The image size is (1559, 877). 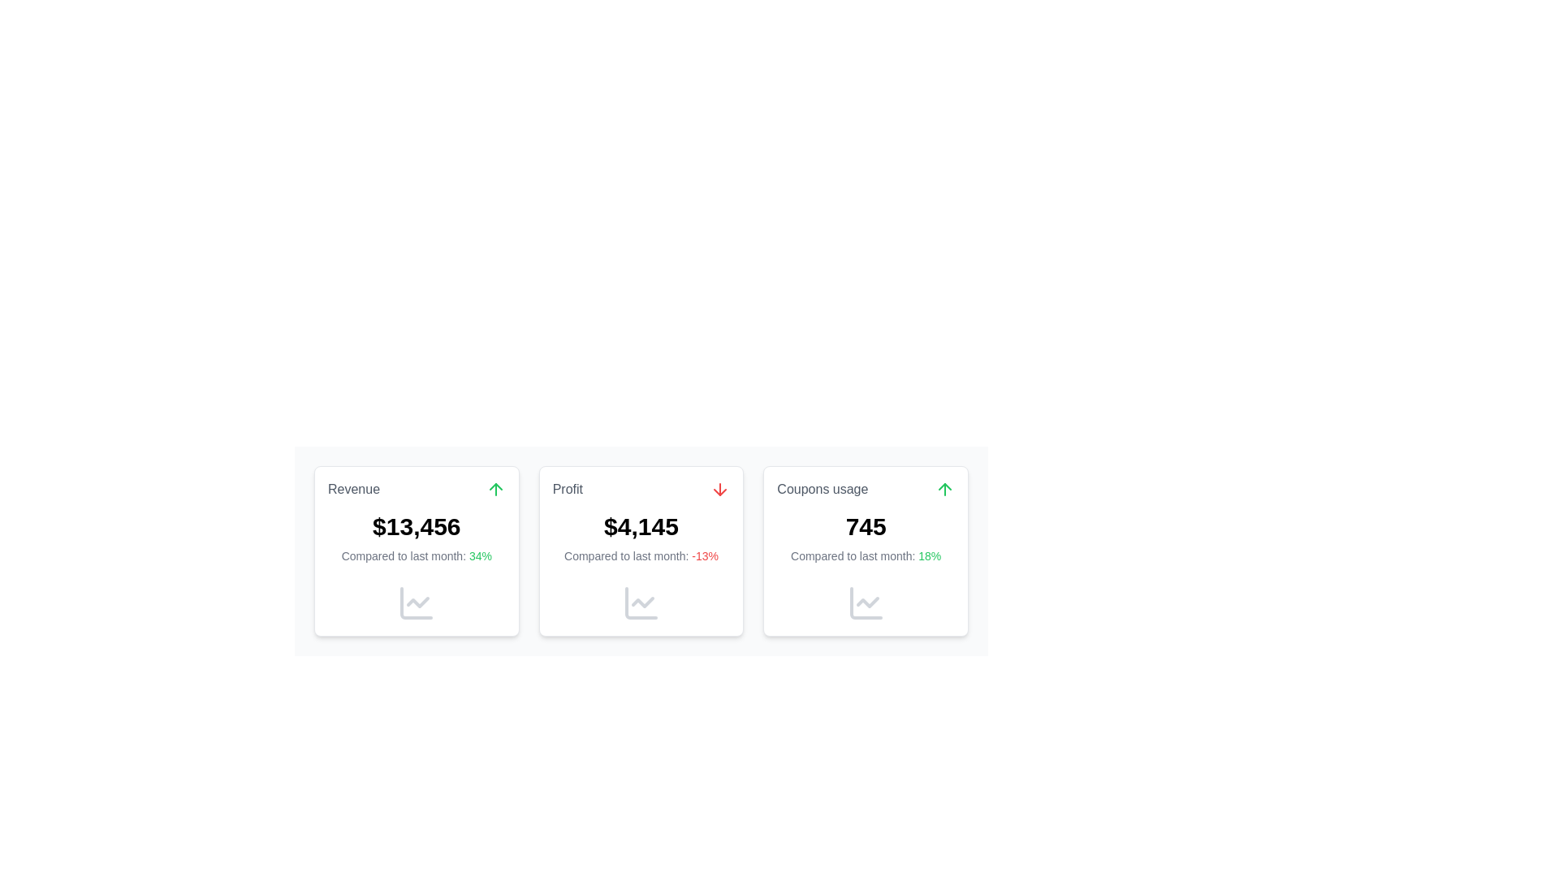 What do you see at coordinates (944, 488) in the screenshot?
I see `the upward trend arrow icon located in the top-right corner of the 'Coupons usage' card, which visually indicates improvement in coupon usage` at bounding box center [944, 488].